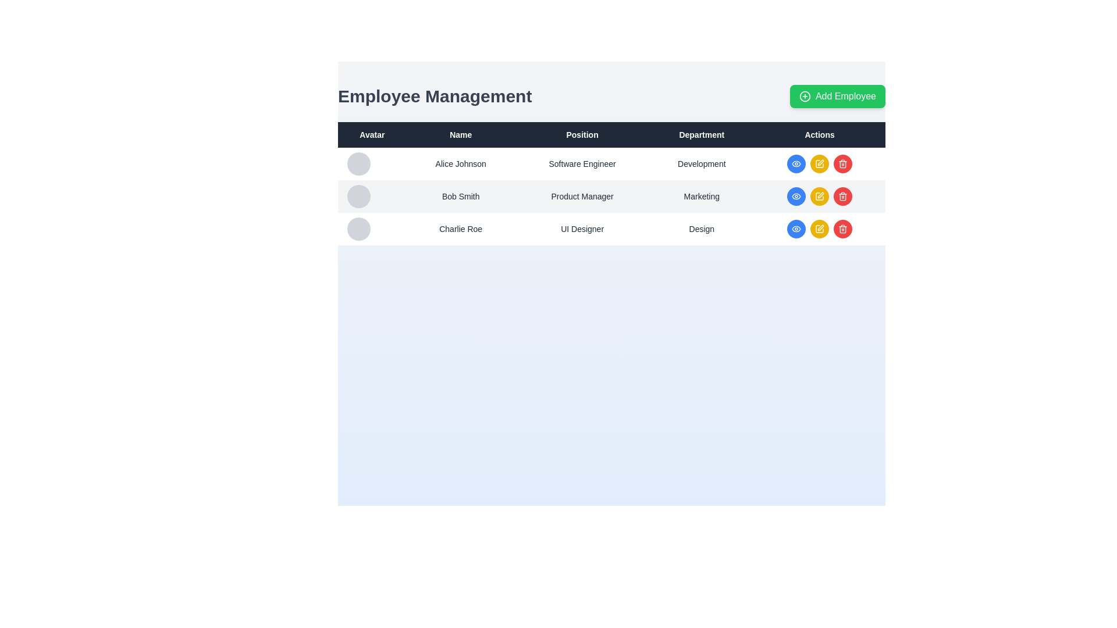  Describe the element at coordinates (819, 229) in the screenshot. I see `the circular yellow button with a white pencil icon located under the 'Actions' column for 'Charlie Roe' in the 'Employee Management' section to initiate the edit functionality` at that location.